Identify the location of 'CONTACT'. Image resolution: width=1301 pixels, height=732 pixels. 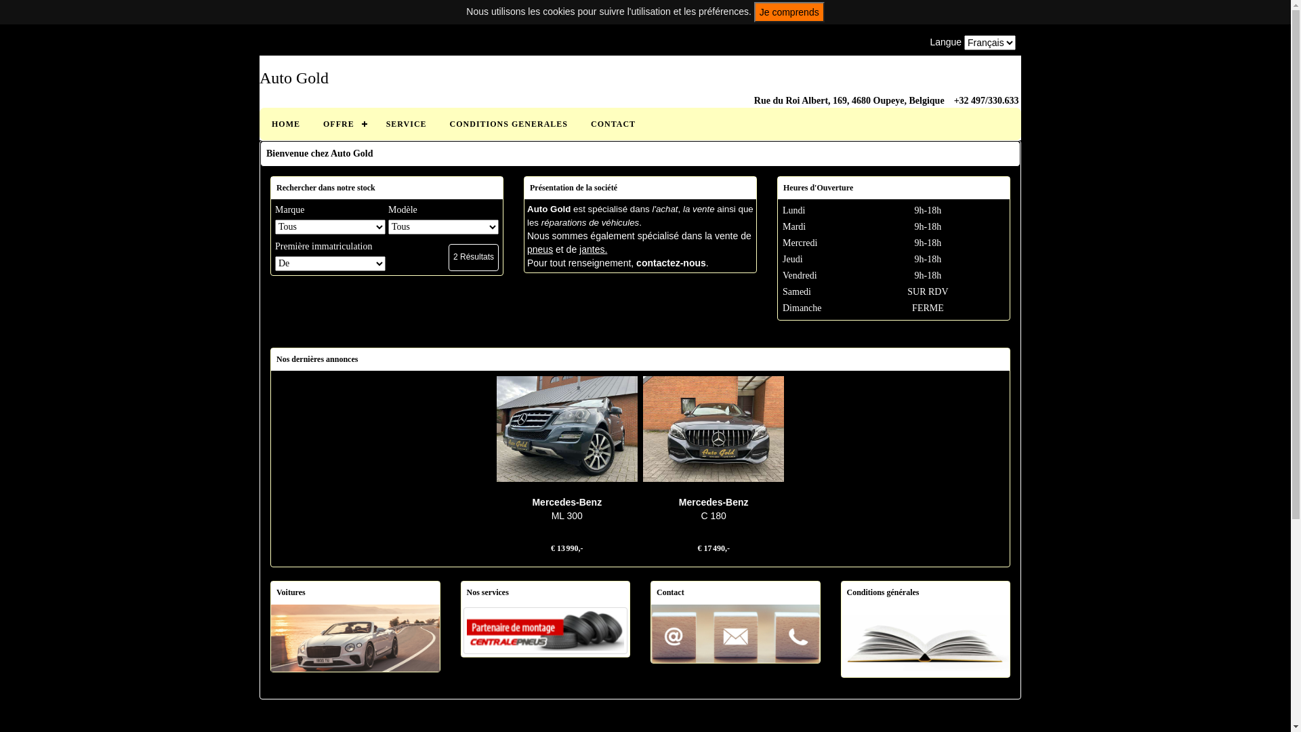
(613, 123).